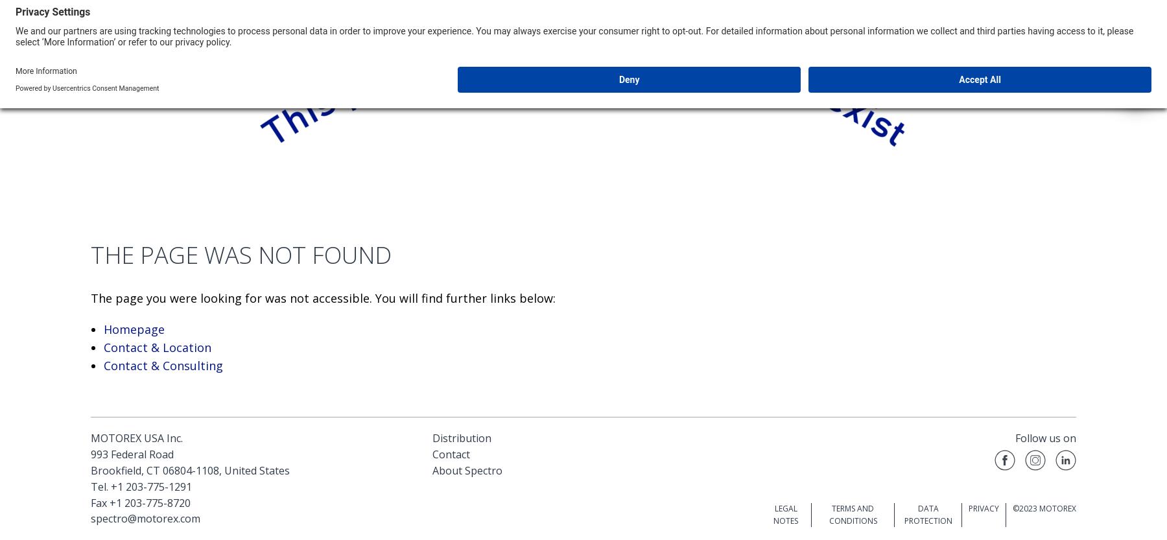  Describe the element at coordinates (322, 297) in the screenshot. I see `'The page you were looking for was not accessible. You will find further links below:'` at that location.